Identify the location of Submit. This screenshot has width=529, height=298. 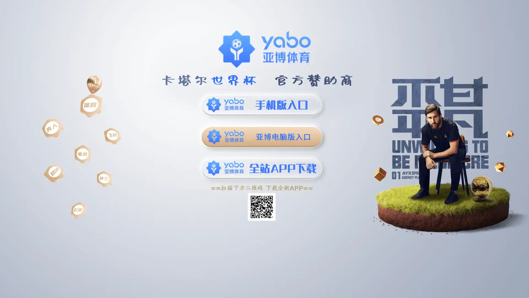
(424, 37).